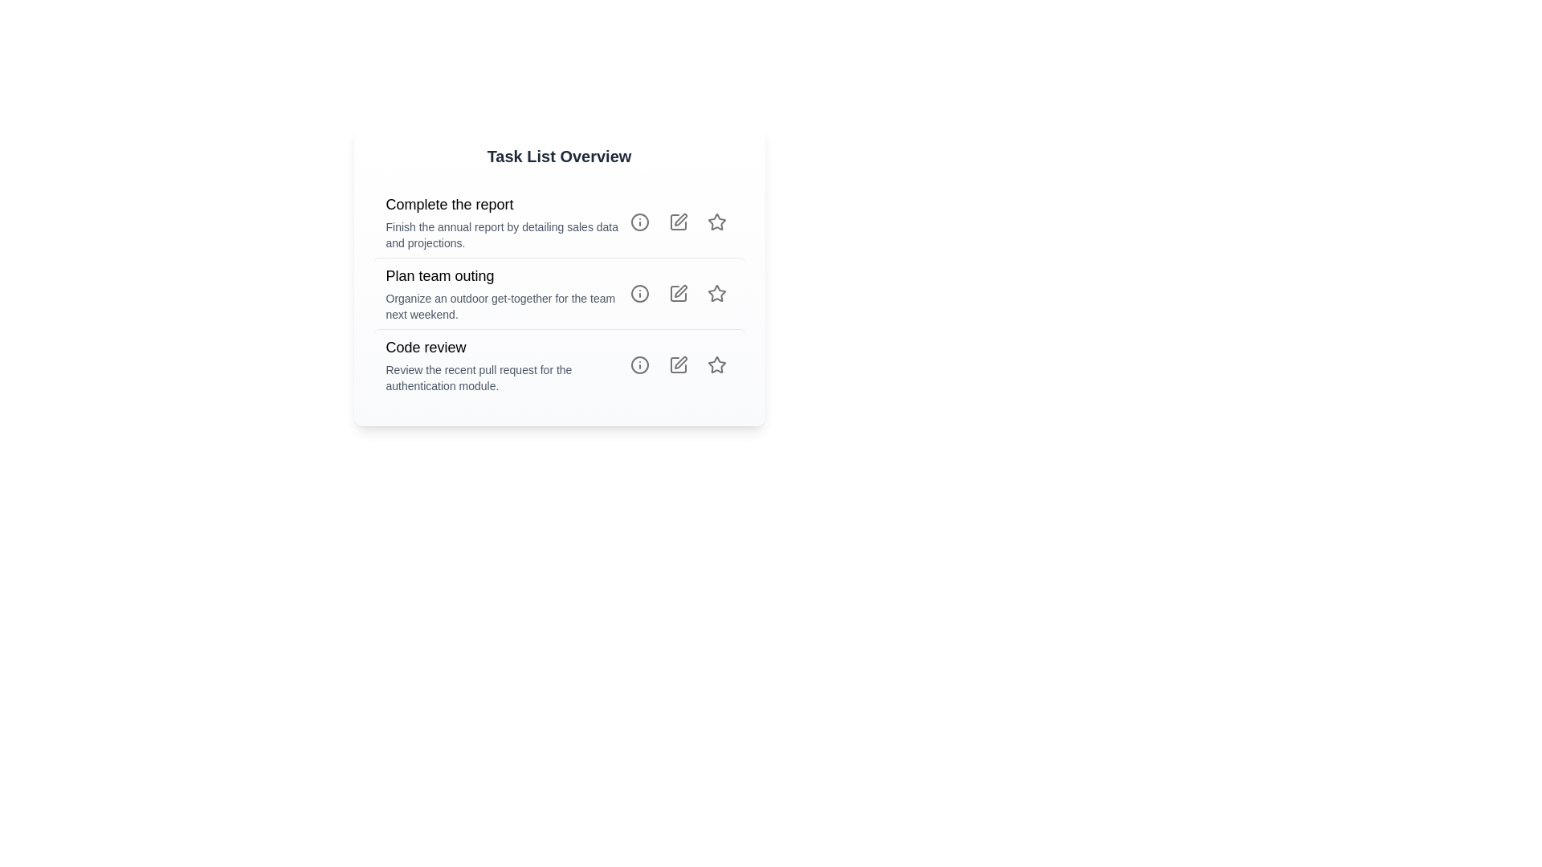 The width and height of the screenshot is (1542, 867). What do you see at coordinates (716, 294) in the screenshot?
I see `the star-shaped icon with an outlined design located at the far right of the second row under the 'Plan team outing' task` at bounding box center [716, 294].